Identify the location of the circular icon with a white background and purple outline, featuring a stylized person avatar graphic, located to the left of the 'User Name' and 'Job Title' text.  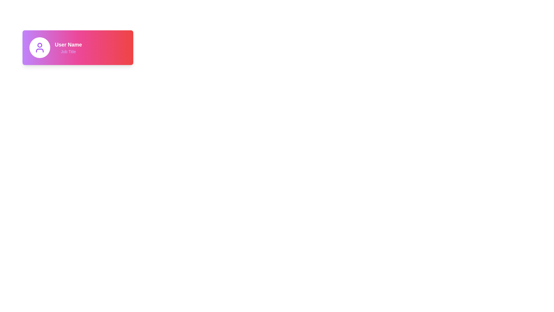
(40, 47).